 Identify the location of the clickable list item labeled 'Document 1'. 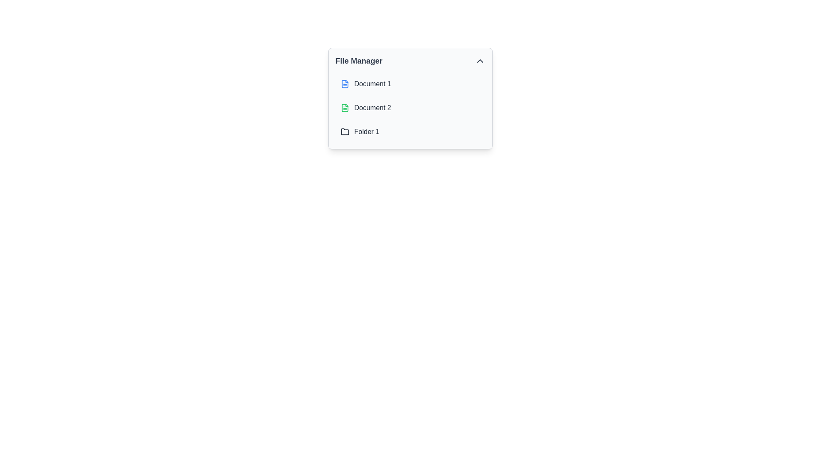
(410, 84).